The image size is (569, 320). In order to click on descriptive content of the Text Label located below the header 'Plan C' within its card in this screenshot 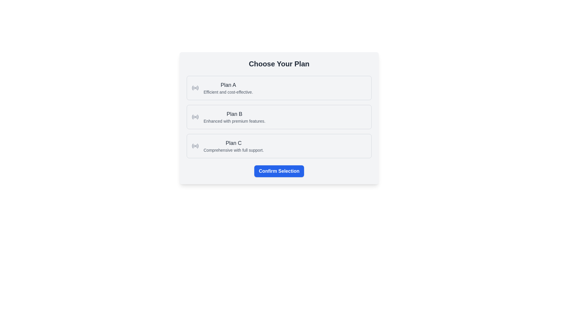, I will do `click(233, 150)`.